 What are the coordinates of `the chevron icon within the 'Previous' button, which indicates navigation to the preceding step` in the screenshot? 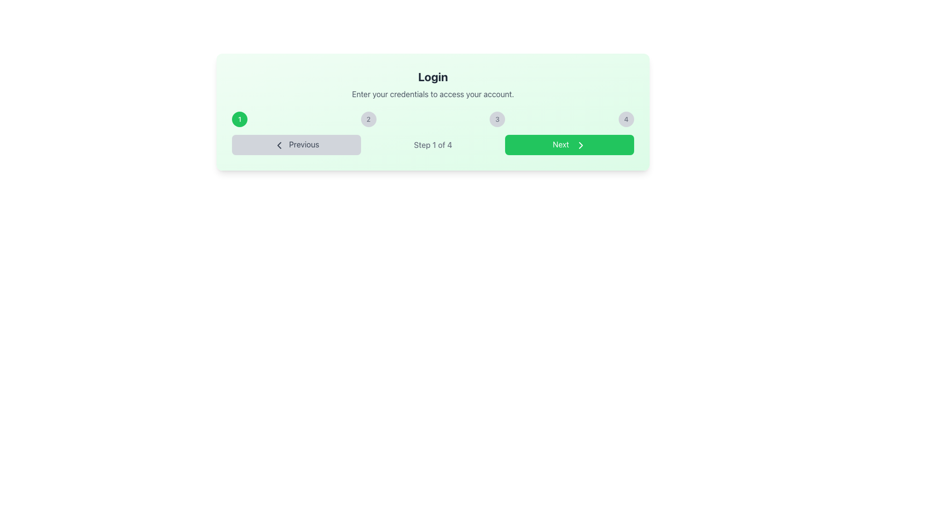 It's located at (279, 145).